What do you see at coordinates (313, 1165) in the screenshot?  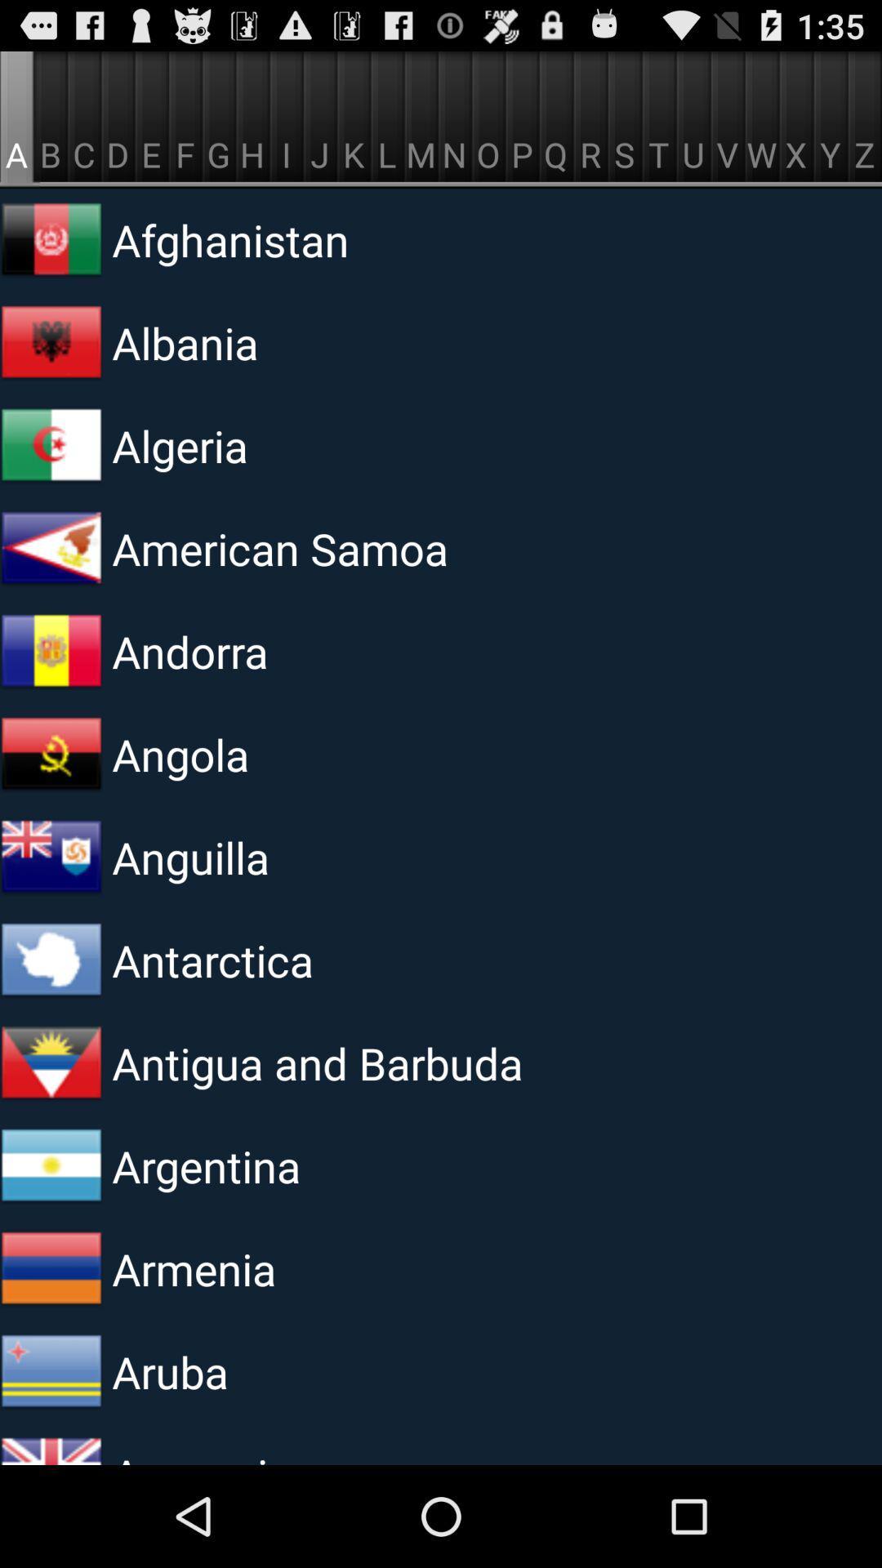 I see `the argentina` at bounding box center [313, 1165].